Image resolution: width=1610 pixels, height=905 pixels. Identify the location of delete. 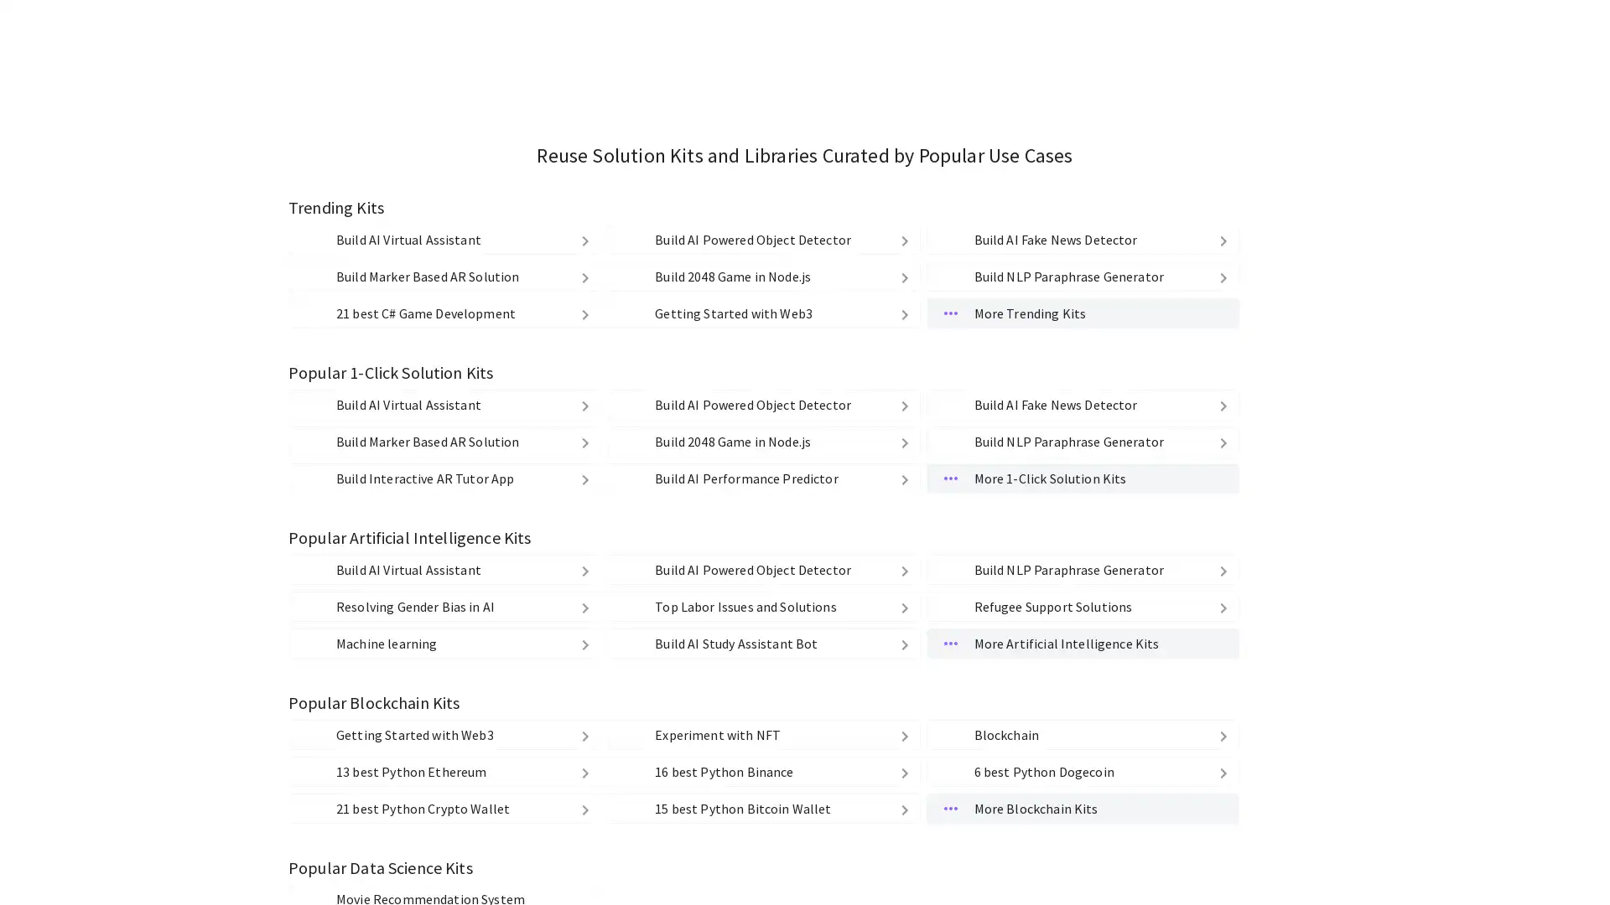
(880, 826).